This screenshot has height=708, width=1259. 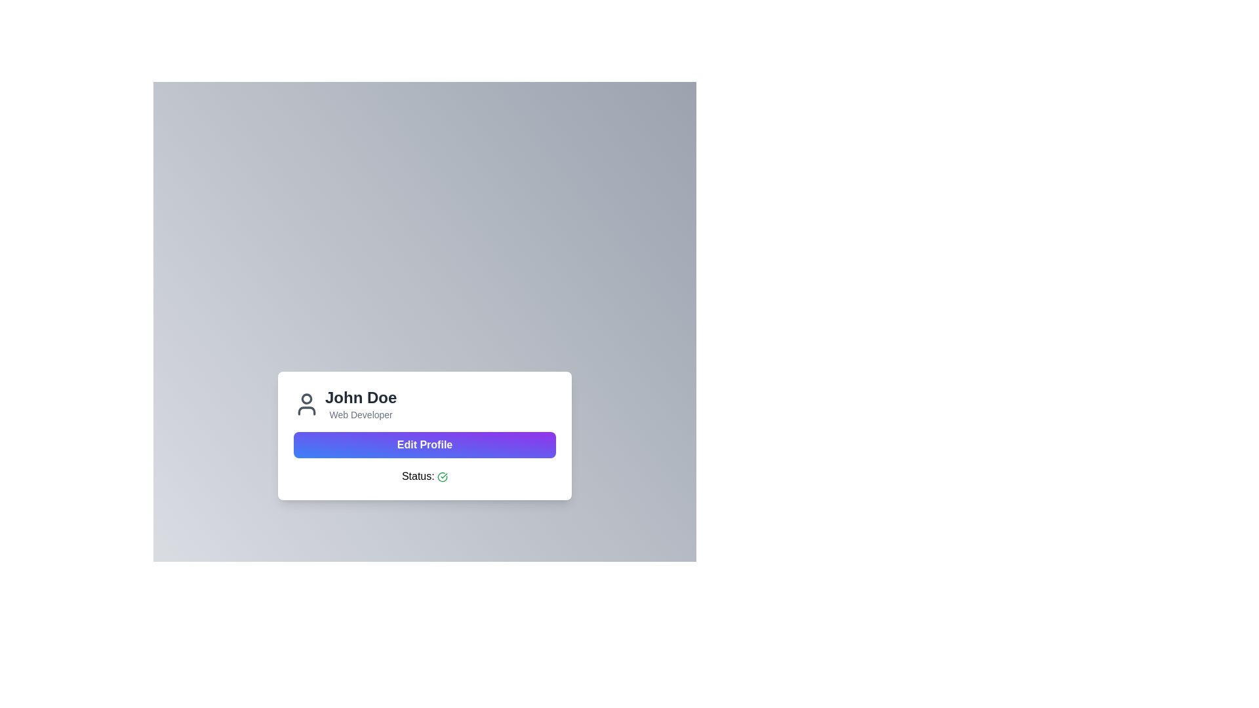 What do you see at coordinates (361, 397) in the screenshot?
I see `text label indicating the name of the user on the card, which is positioned at the top section of the card-like structure` at bounding box center [361, 397].